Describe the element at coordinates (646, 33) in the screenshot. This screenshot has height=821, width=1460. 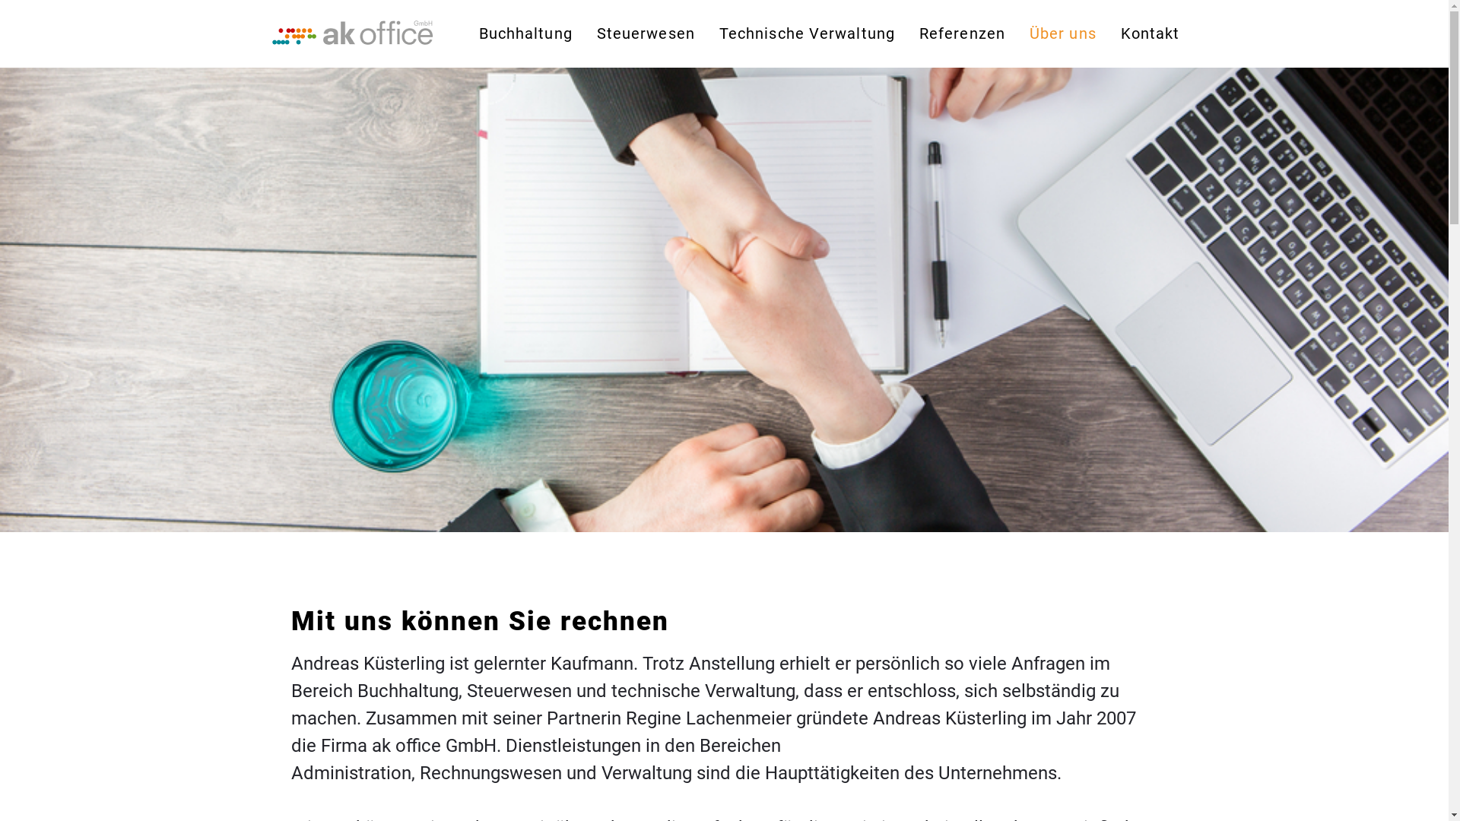
I see `'Steuerwesen'` at that location.